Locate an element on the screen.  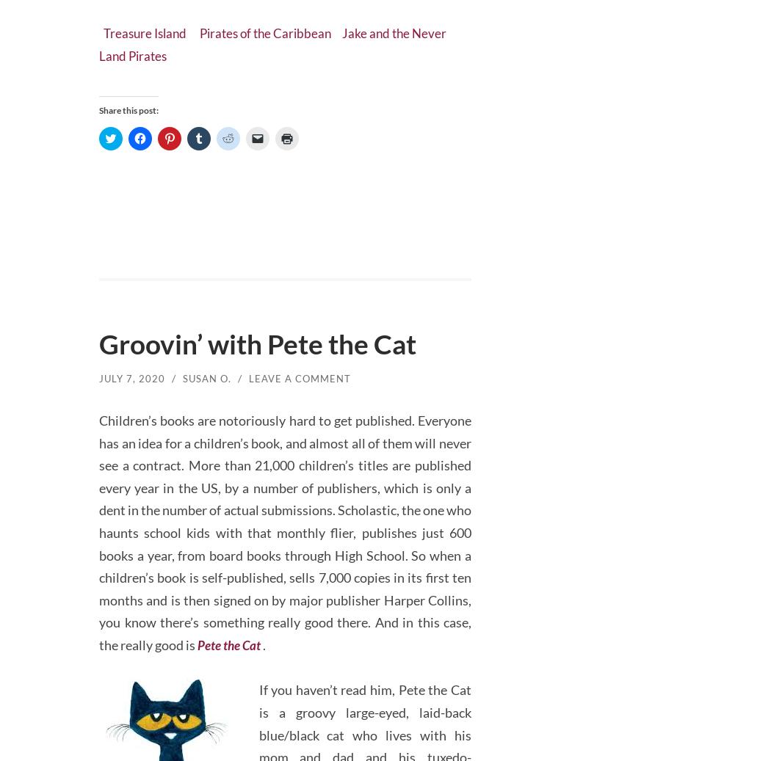
'Pete the Cat' is located at coordinates (197, 638).